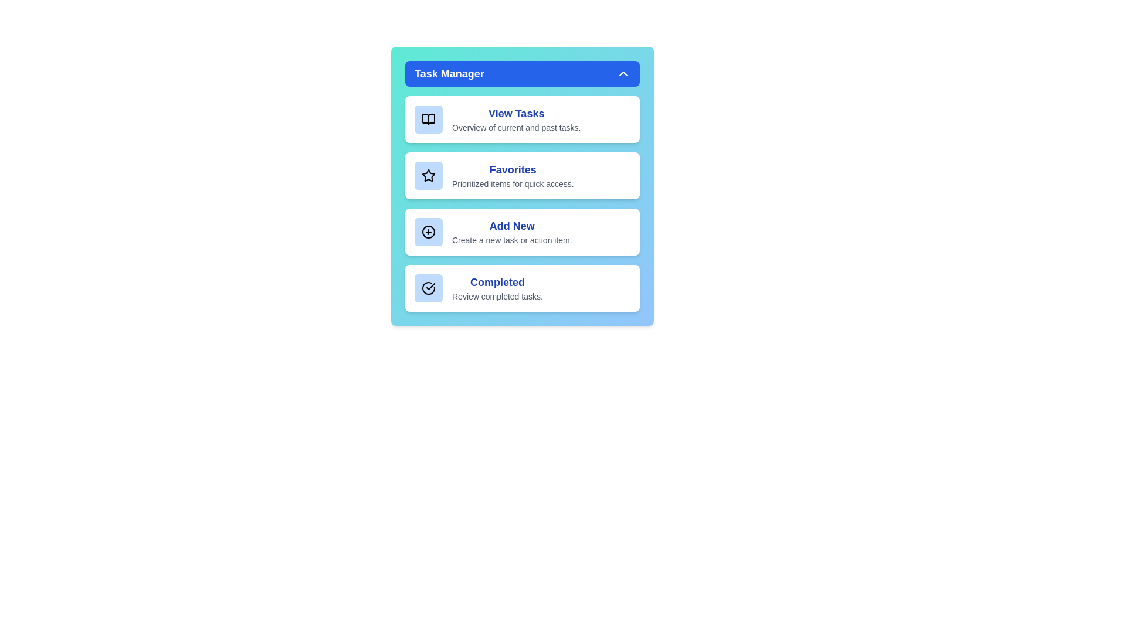  Describe the element at coordinates (522, 288) in the screenshot. I see `the 'Completed' menu item to review completed tasks` at that location.